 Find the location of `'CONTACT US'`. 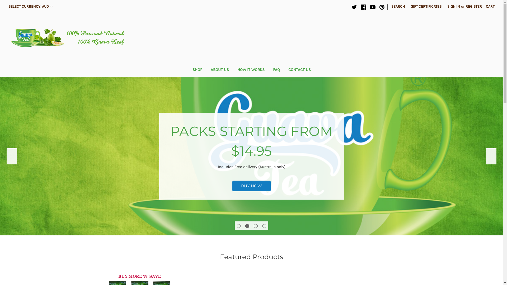

'CONTACT US' is located at coordinates (299, 70).